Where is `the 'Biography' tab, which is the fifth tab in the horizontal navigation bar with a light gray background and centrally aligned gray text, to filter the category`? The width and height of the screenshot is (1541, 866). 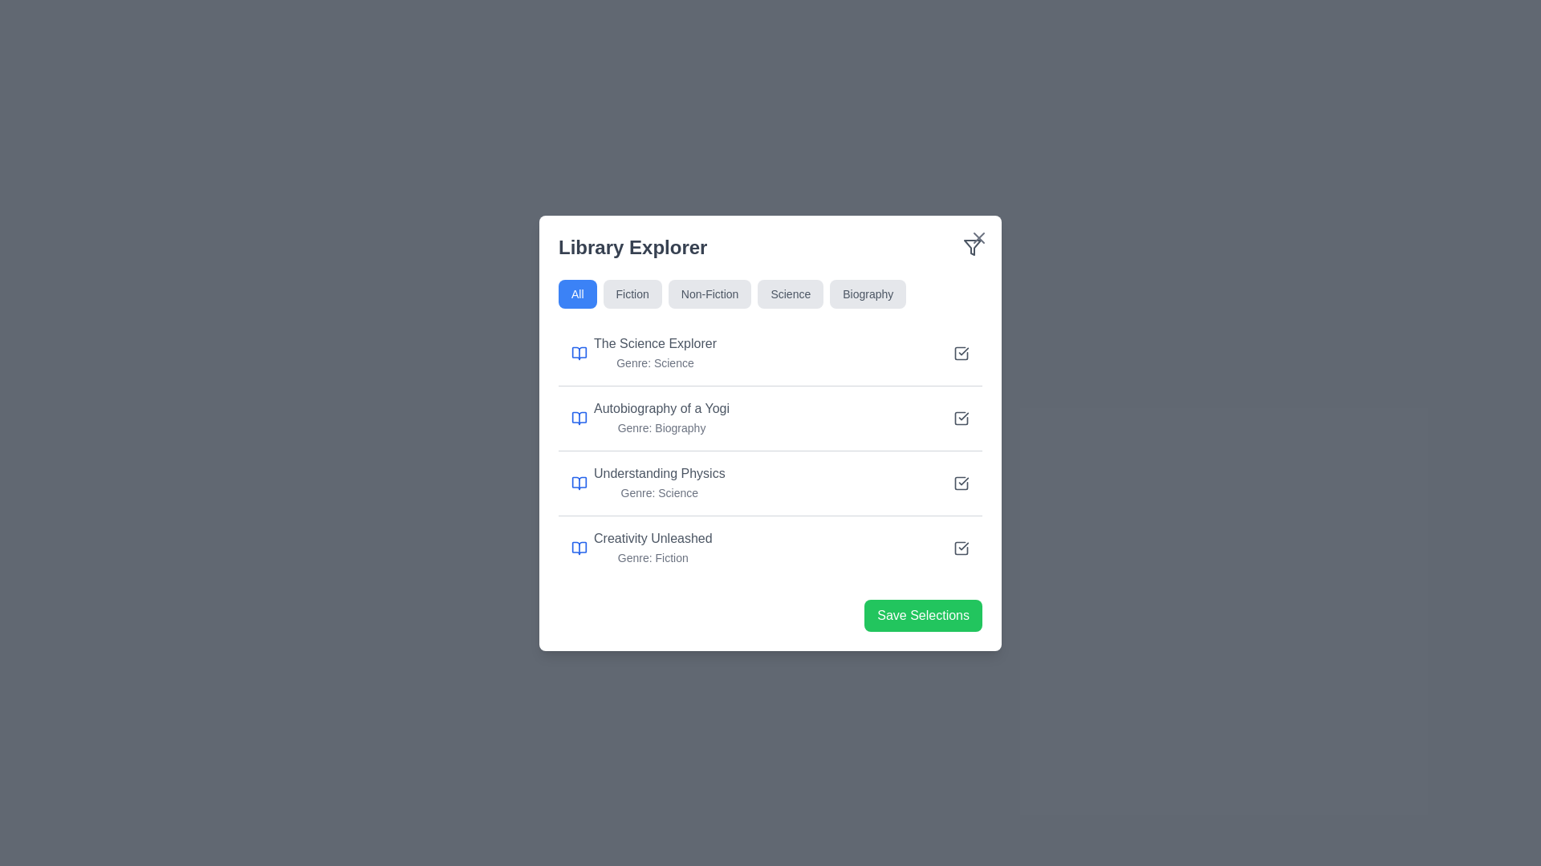
the 'Biography' tab, which is the fifth tab in the horizontal navigation bar with a light gray background and centrally aligned gray text, to filter the category is located at coordinates (867, 293).